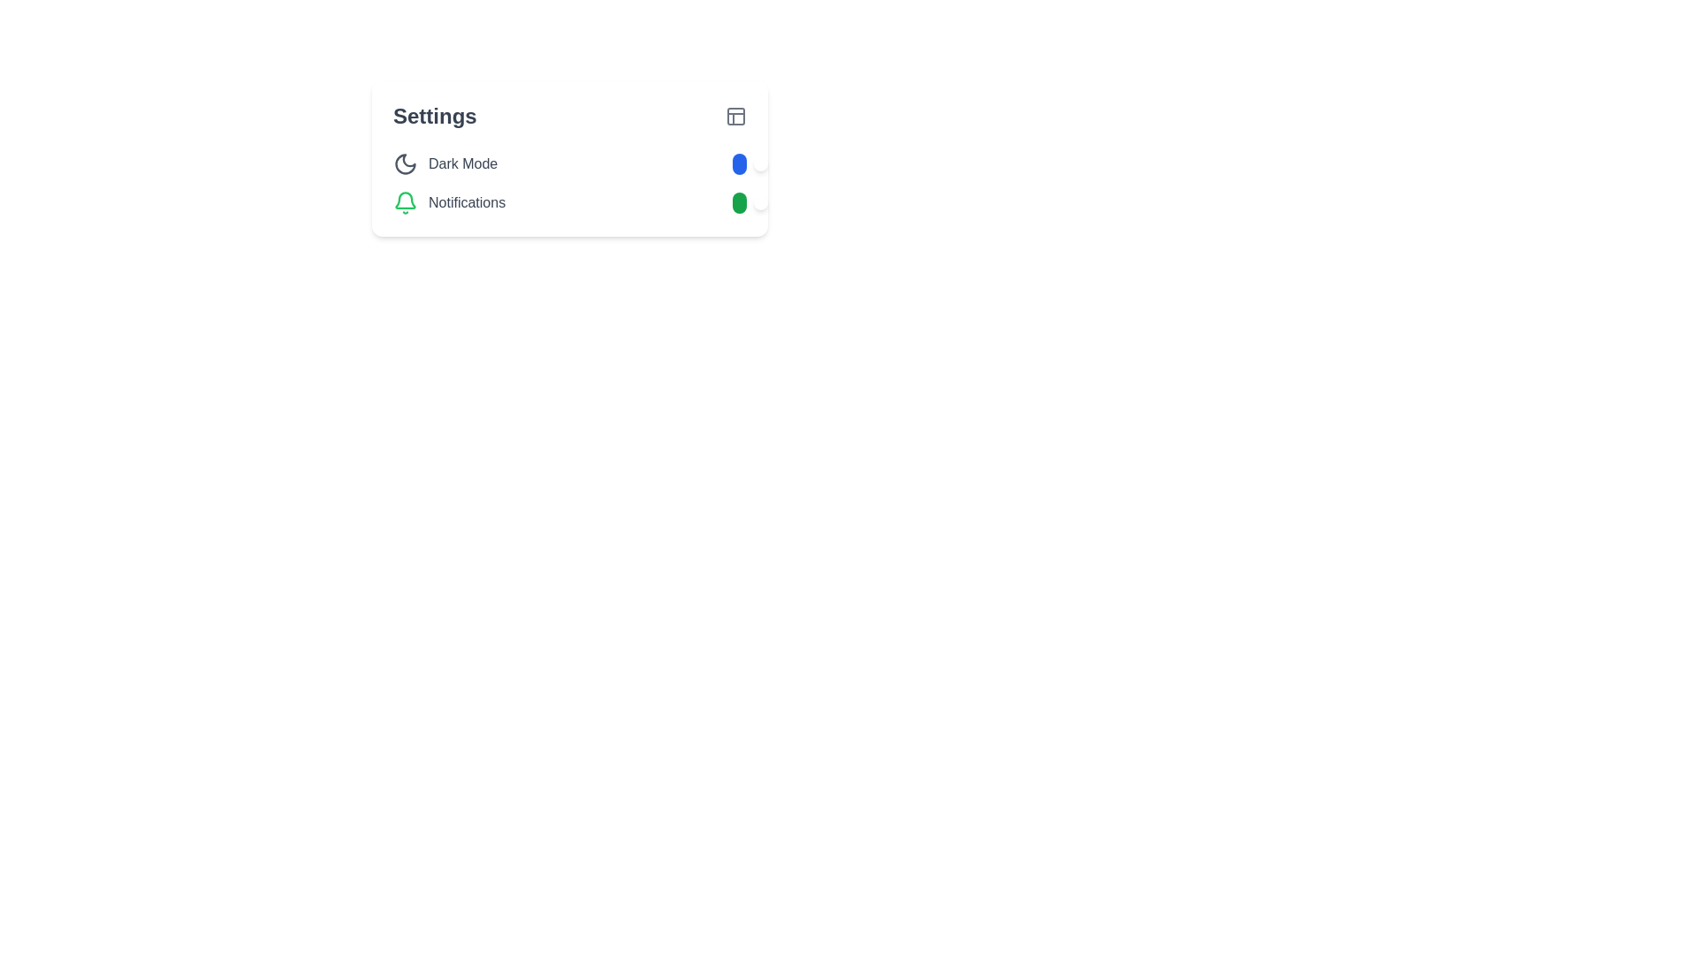 The image size is (1697, 954). What do you see at coordinates (739, 163) in the screenshot?
I see `the toggle switch for 'Dark Mode'` at bounding box center [739, 163].